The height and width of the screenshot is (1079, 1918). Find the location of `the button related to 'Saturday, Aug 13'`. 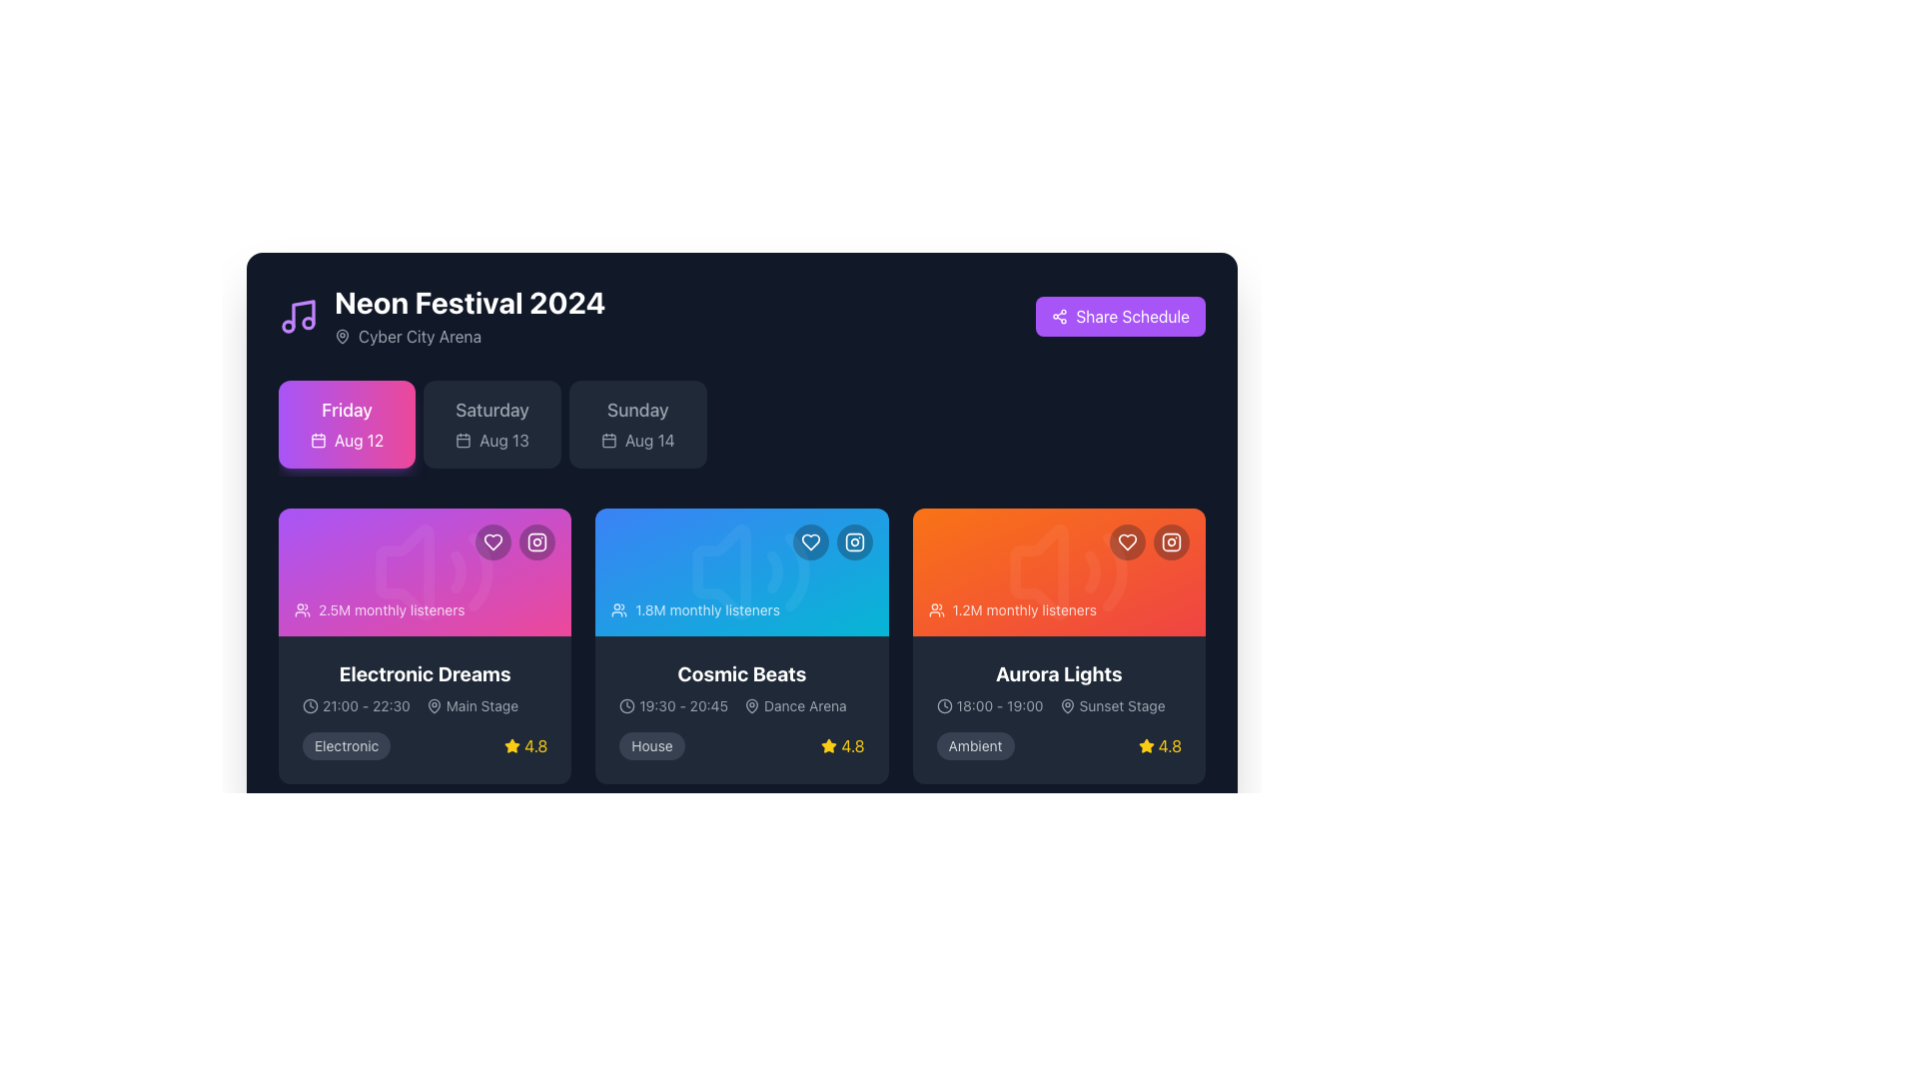

the button related to 'Saturday, Aug 13' is located at coordinates (492, 423).